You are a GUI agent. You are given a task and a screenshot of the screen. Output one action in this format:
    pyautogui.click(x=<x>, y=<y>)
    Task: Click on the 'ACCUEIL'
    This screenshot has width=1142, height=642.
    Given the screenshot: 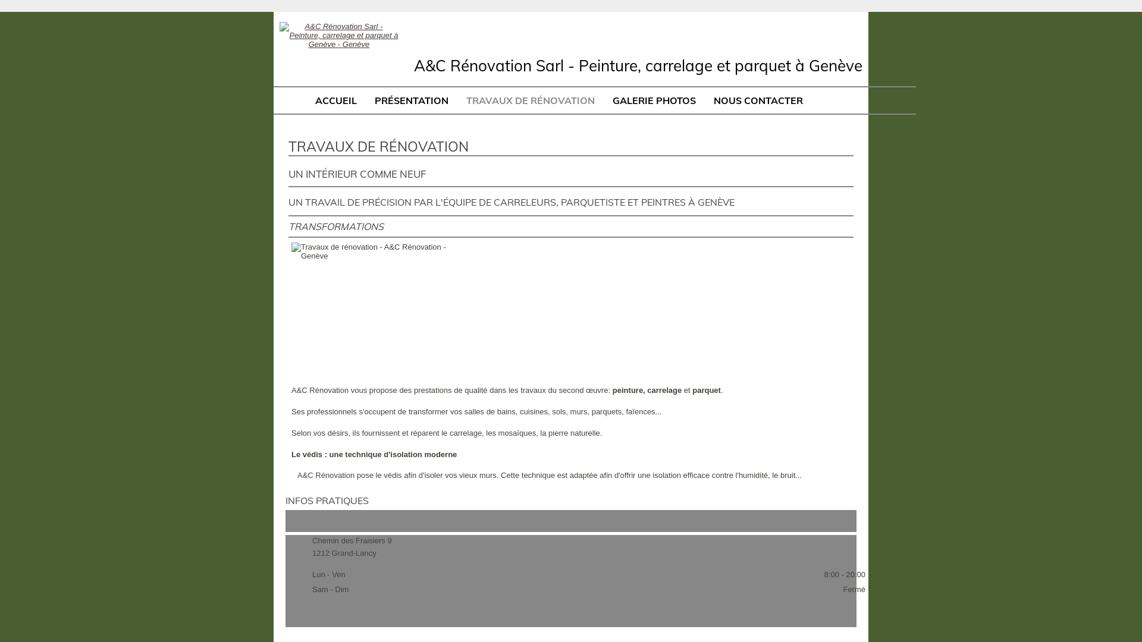 What is the action you would take?
    pyautogui.click(x=335, y=100)
    